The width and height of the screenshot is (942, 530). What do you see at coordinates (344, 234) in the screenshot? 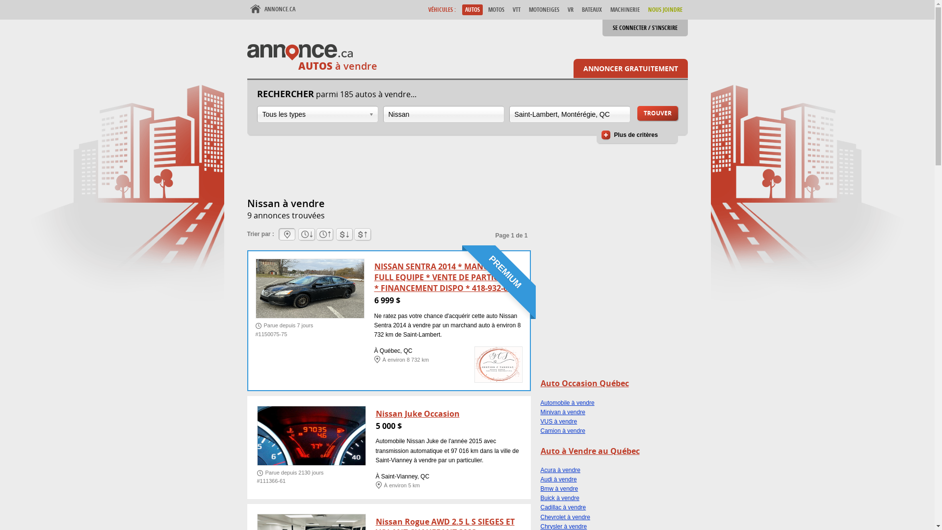
I see `'Prix croissant'` at bounding box center [344, 234].